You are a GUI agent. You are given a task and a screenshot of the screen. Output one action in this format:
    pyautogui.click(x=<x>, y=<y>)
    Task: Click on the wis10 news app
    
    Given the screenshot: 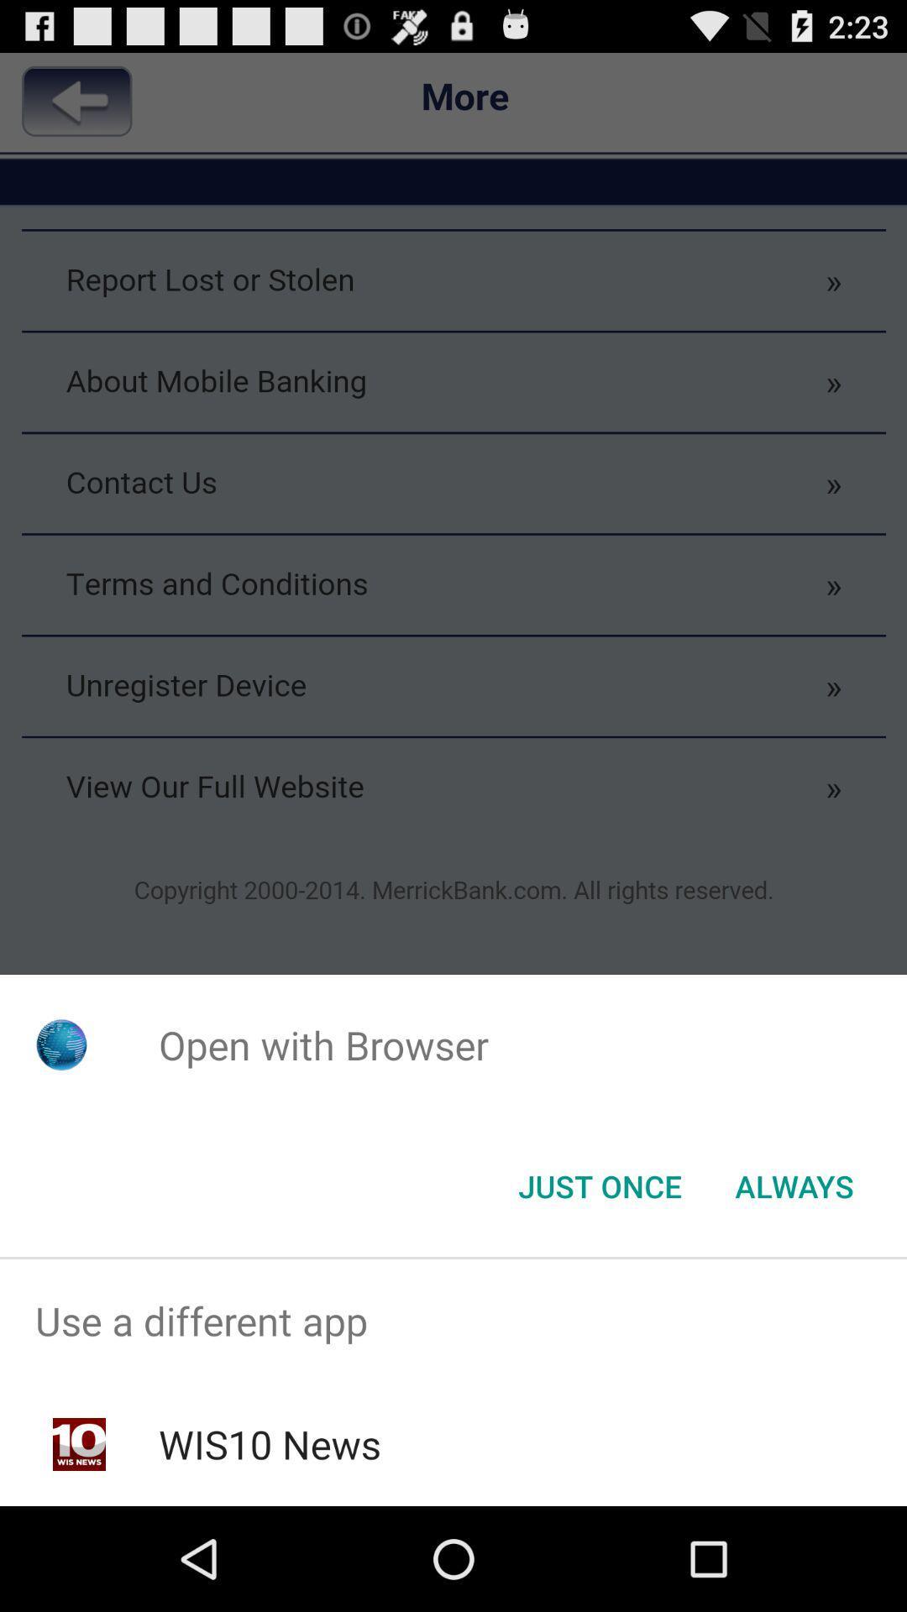 What is the action you would take?
    pyautogui.click(x=269, y=1443)
    